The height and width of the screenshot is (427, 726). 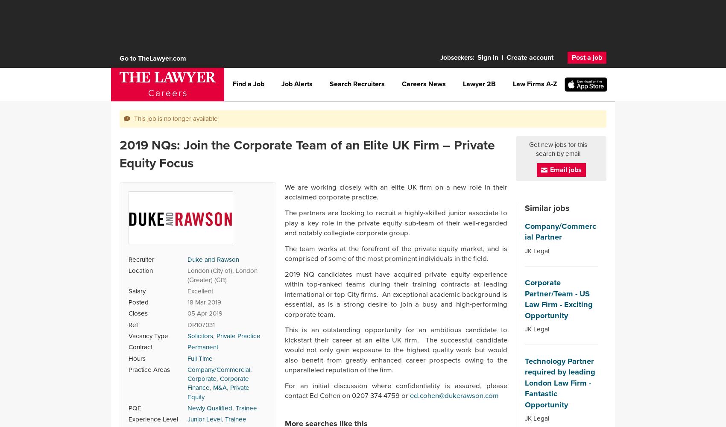 What do you see at coordinates (587, 57) in the screenshot?
I see `'Post a job'` at bounding box center [587, 57].